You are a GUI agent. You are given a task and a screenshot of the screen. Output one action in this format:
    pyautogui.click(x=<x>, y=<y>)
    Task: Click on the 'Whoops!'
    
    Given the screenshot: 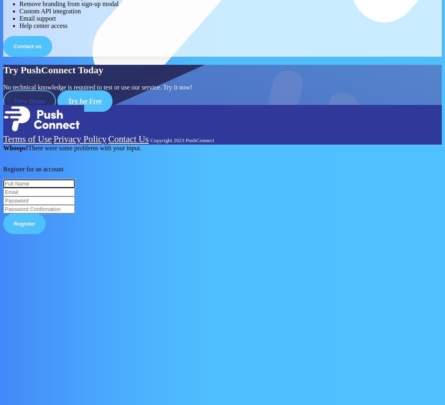 What is the action you would take?
    pyautogui.click(x=3, y=147)
    